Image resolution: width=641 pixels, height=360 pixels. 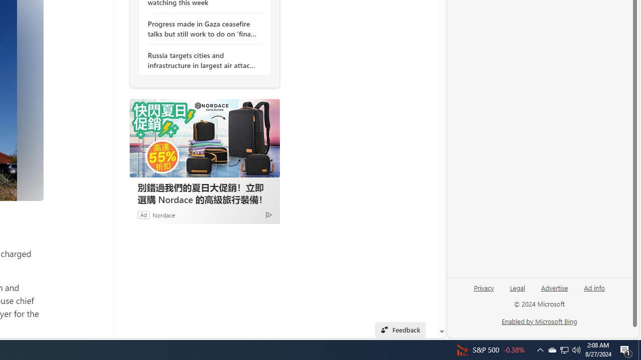 I want to click on 'Ad Choice', so click(x=268, y=214).